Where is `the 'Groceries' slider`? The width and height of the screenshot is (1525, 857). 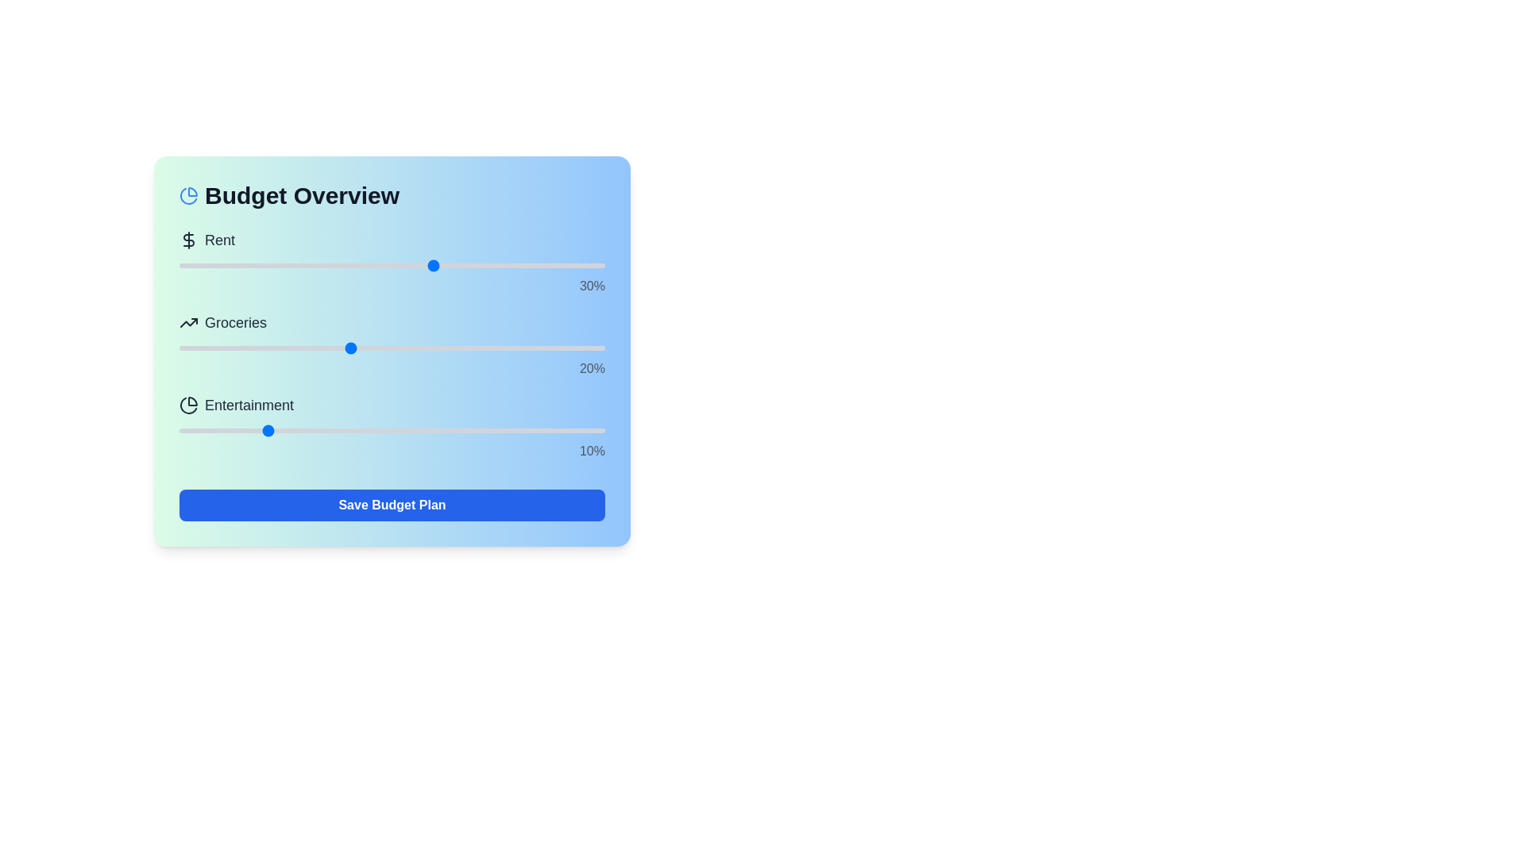 the 'Groceries' slider is located at coordinates (537, 348).